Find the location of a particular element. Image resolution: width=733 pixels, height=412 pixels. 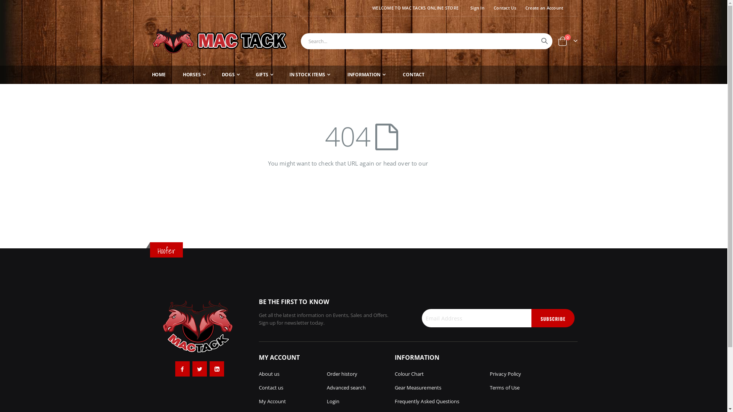

'INFORMATION' is located at coordinates (366, 75).